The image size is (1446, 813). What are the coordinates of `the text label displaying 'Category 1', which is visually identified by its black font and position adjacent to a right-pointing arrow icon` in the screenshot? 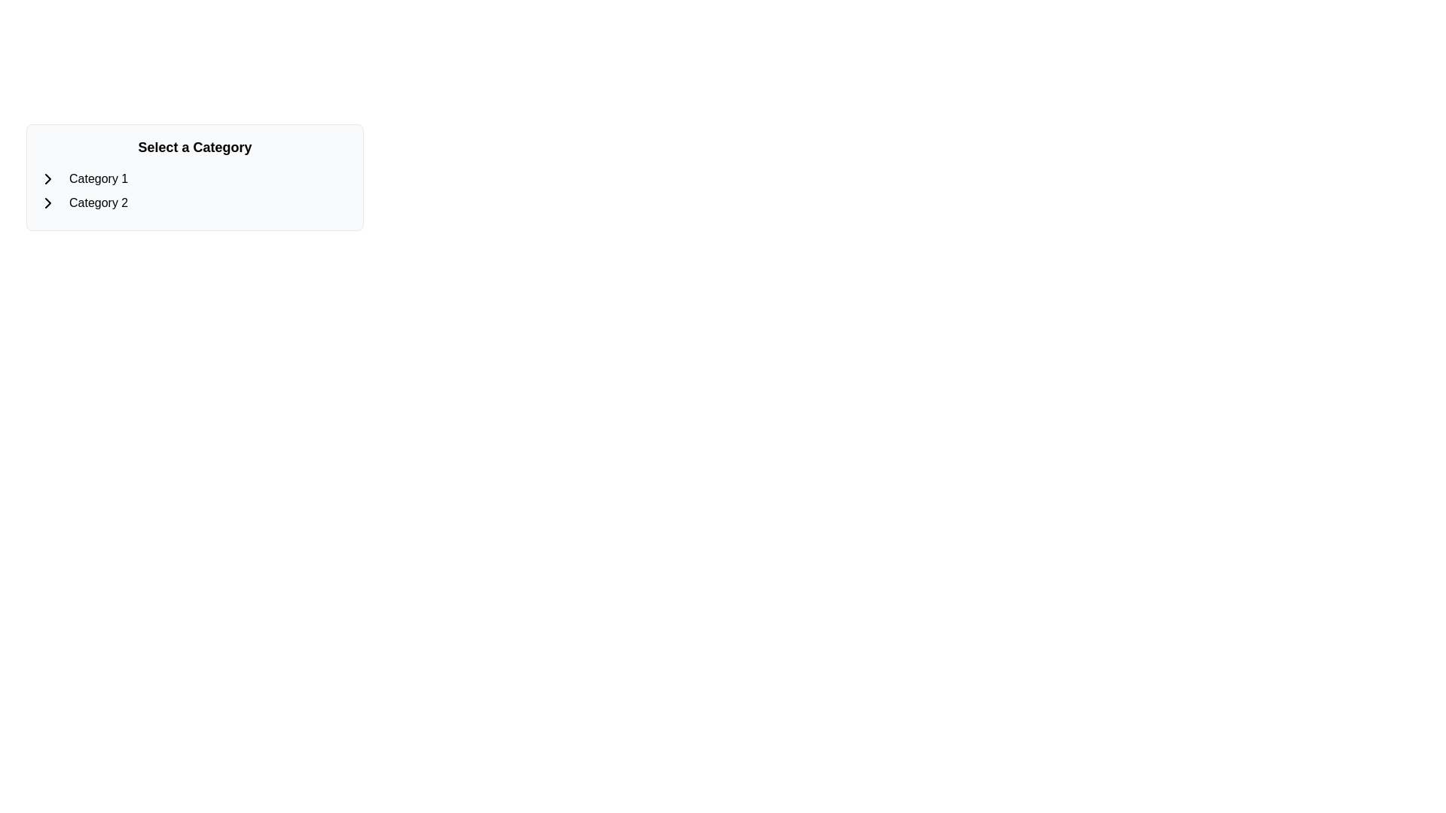 It's located at (98, 178).